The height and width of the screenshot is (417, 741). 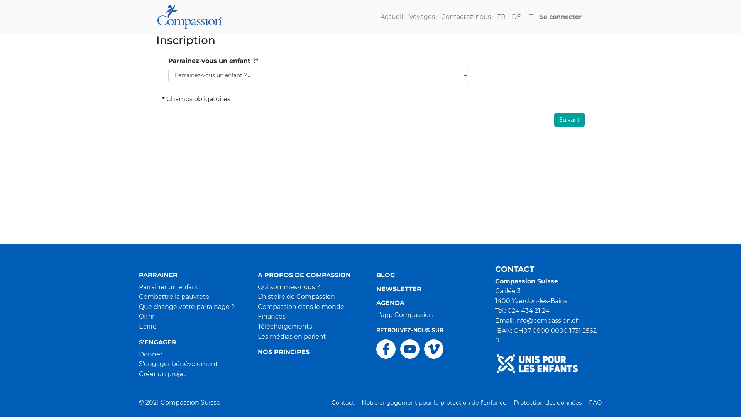 What do you see at coordinates (139, 287) in the screenshot?
I see `'Parrainer un enfant'` at bounding box center [139, 287].